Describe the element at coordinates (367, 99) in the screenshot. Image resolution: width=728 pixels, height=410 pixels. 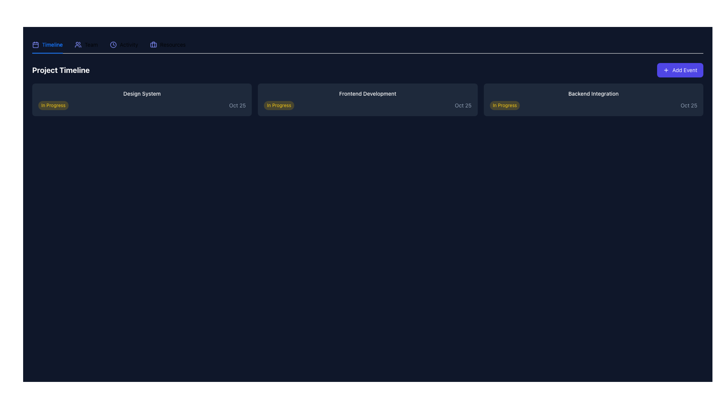
I see `the Card containing the text 'Frontend Development' which has a dark slate color and rounded corners, located in the middle column of the grid layout` at that location.